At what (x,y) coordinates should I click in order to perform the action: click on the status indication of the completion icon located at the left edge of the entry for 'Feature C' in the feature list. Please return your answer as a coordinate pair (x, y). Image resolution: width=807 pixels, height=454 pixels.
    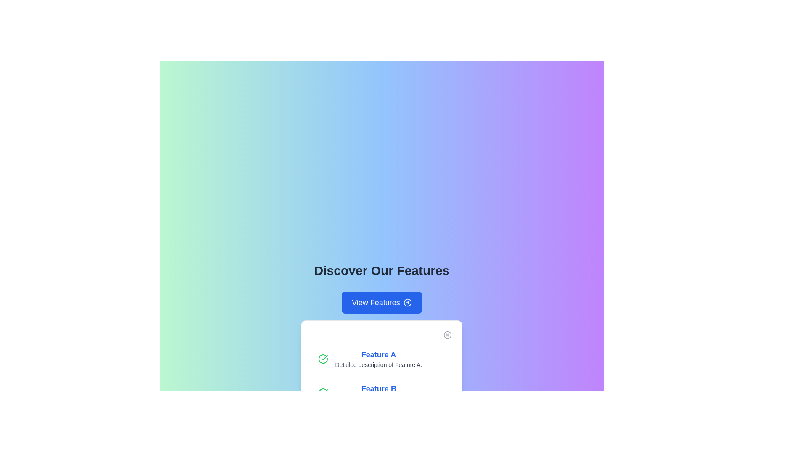
    Looking at the image, I should click on (323, 427).